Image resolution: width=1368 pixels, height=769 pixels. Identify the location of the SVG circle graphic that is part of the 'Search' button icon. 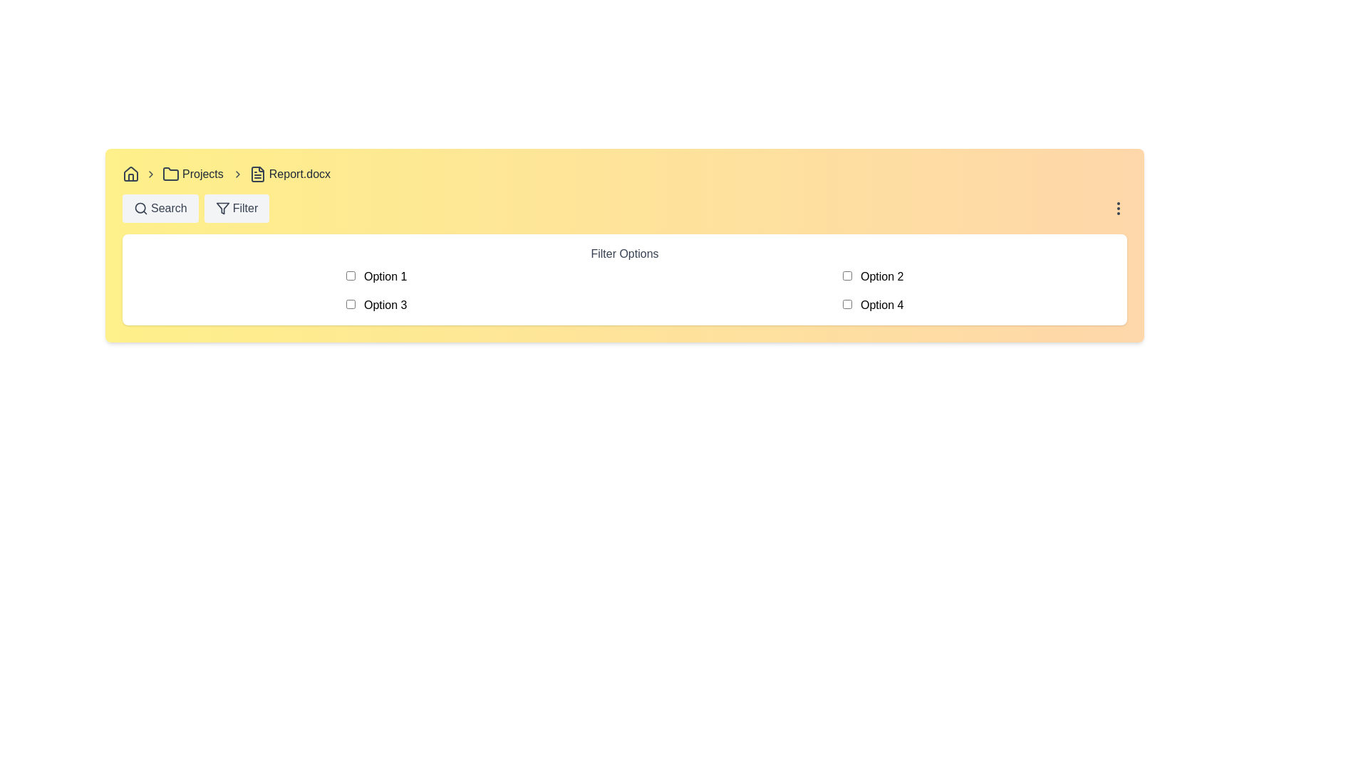
(140, 208).